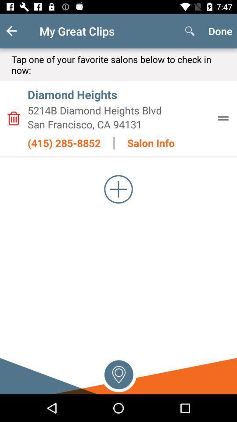 The height and width of the screenshot is (422, 237). I want to click on app next to the my great clips item, so click(18, 31).